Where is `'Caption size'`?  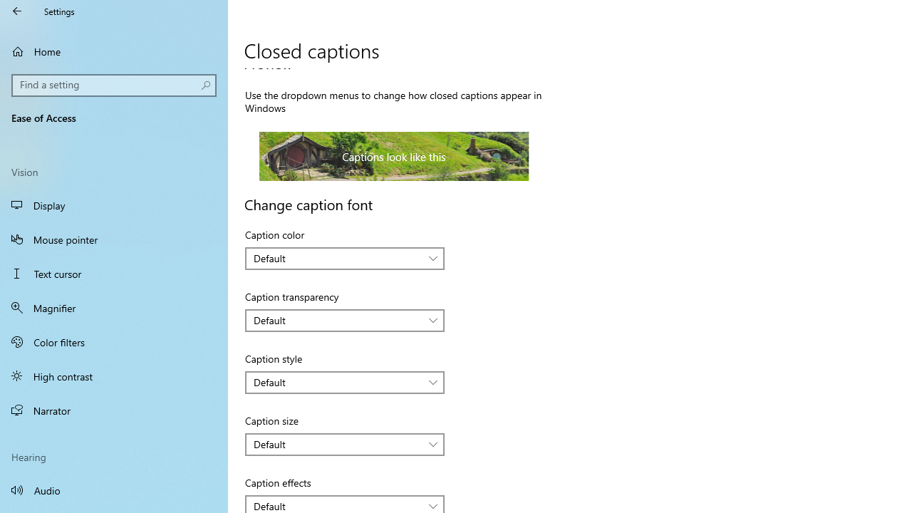
'Caption size' is located at coordinates (345, 443).